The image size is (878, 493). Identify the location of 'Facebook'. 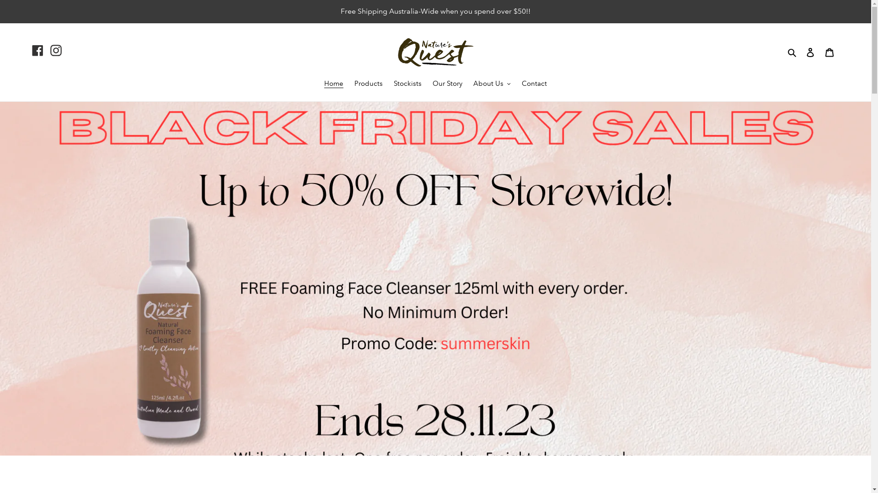
(32, 50).